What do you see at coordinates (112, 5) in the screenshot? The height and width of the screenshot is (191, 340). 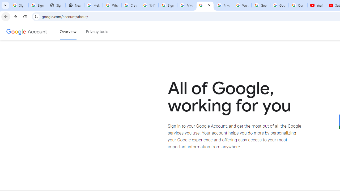 I see `'Who is my administrator? - Google Account Help'` at bounding box center [112, 5].